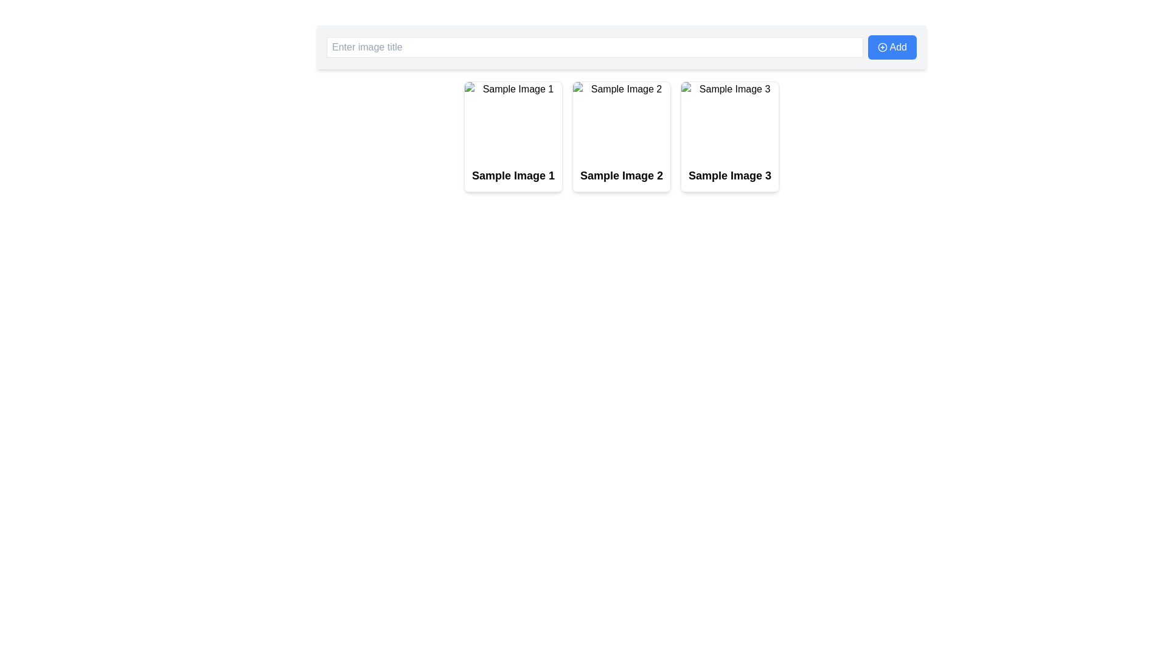 This screenshot has height=657, width=1168. What do you see at coordinates (622, 176) in the screenshot?
I see `the second text label associated with the second card in the layout, which is centrally located under the card` at bounding box center [622, 176].